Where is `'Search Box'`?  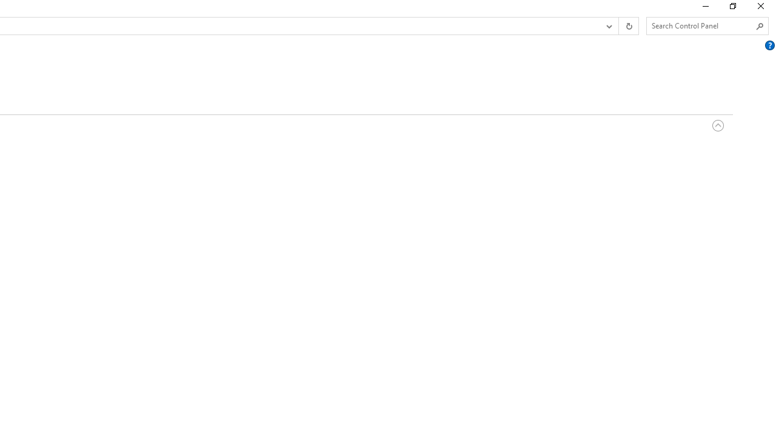 'Search Box' is located at coordinates (701, 25).